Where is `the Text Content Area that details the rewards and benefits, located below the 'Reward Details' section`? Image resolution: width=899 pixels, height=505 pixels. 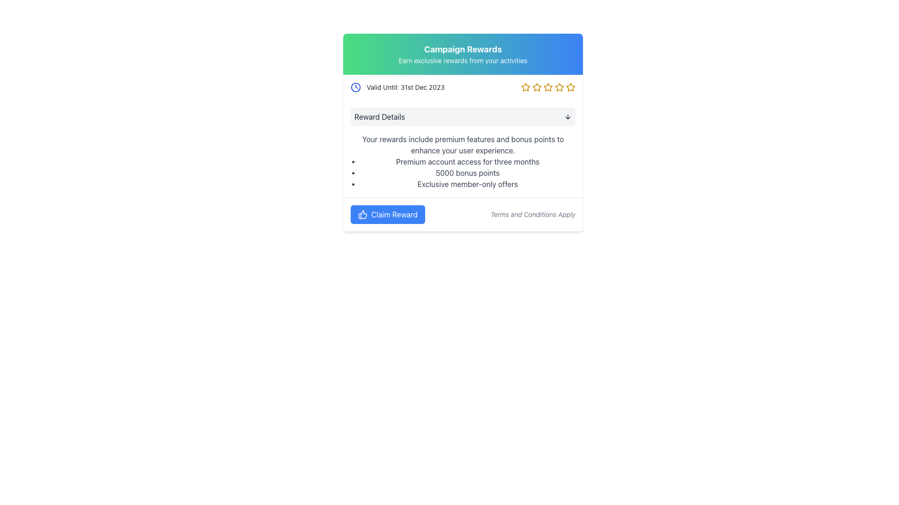
the Text Content Area that details the rewards and benefits, located below the 'Reward Details' section is located at coordinates (463, 161).